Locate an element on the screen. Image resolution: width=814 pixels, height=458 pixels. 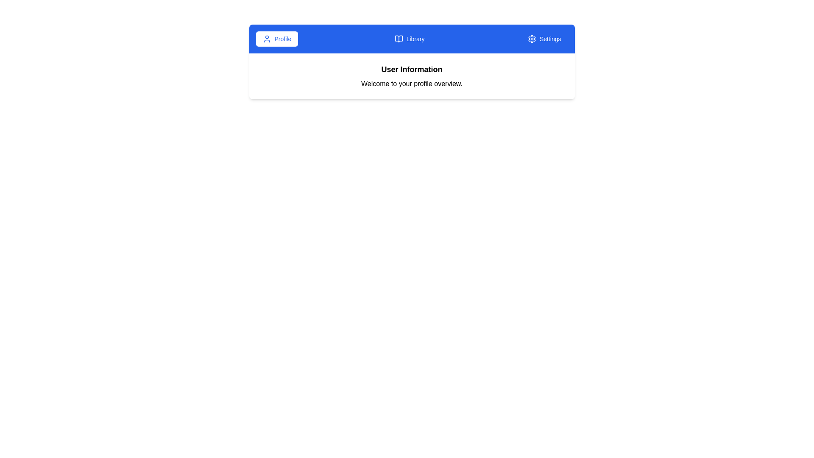
the 'Library' navigation option located in the center portion of the top navigation bar is located at coordinates (415, 39).